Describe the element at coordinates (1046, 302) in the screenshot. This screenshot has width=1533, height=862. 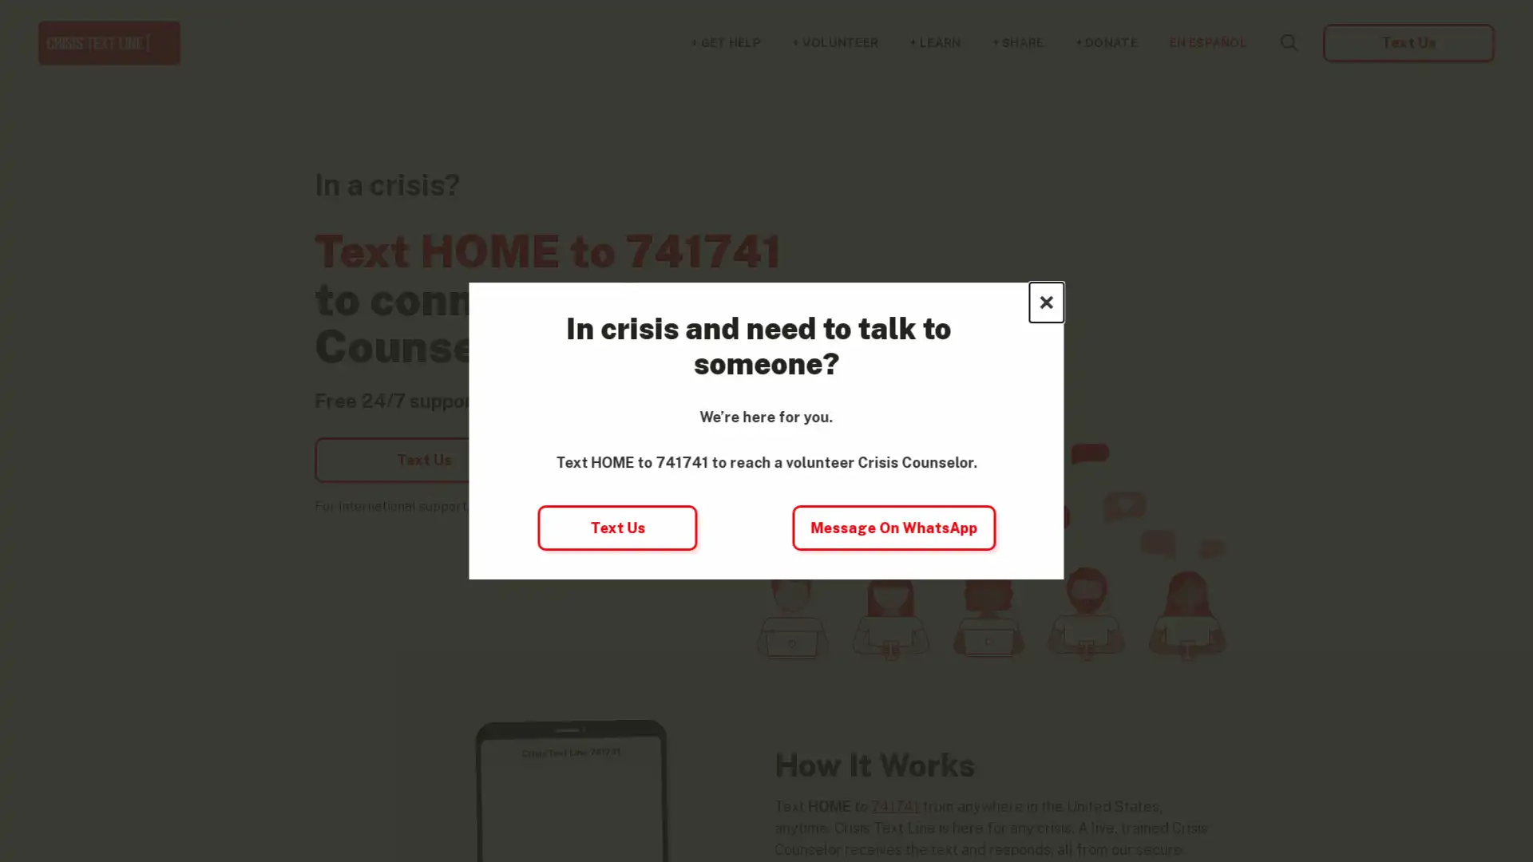
I see `Close this dialog window` at that location.